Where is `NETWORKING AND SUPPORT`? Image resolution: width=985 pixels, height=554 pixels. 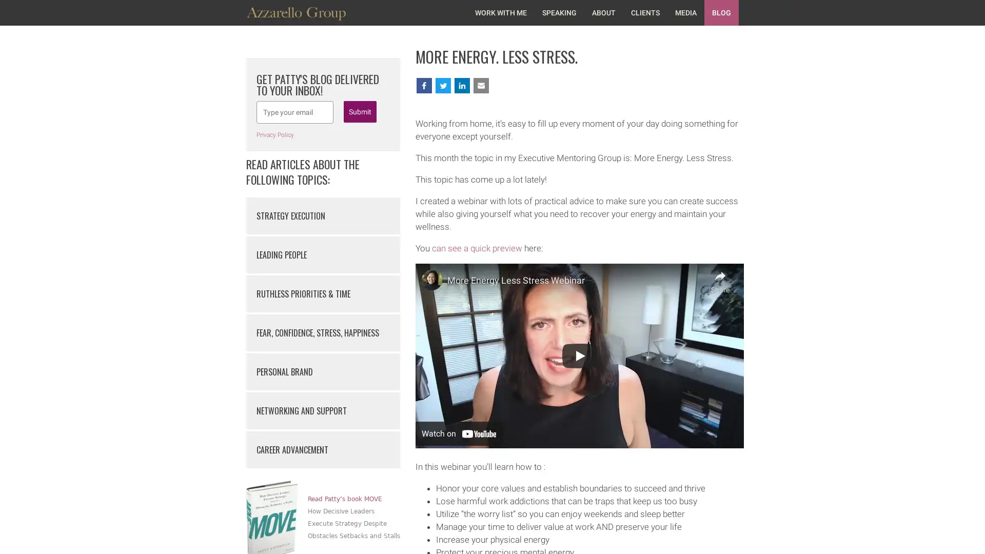 NETWORKING AND SUPPORT is located at coordinates (322, 410).